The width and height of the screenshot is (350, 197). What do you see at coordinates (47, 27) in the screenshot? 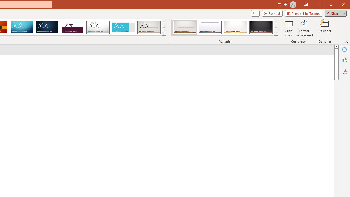
I see `'Damask'` at bounding box center [47, 27].